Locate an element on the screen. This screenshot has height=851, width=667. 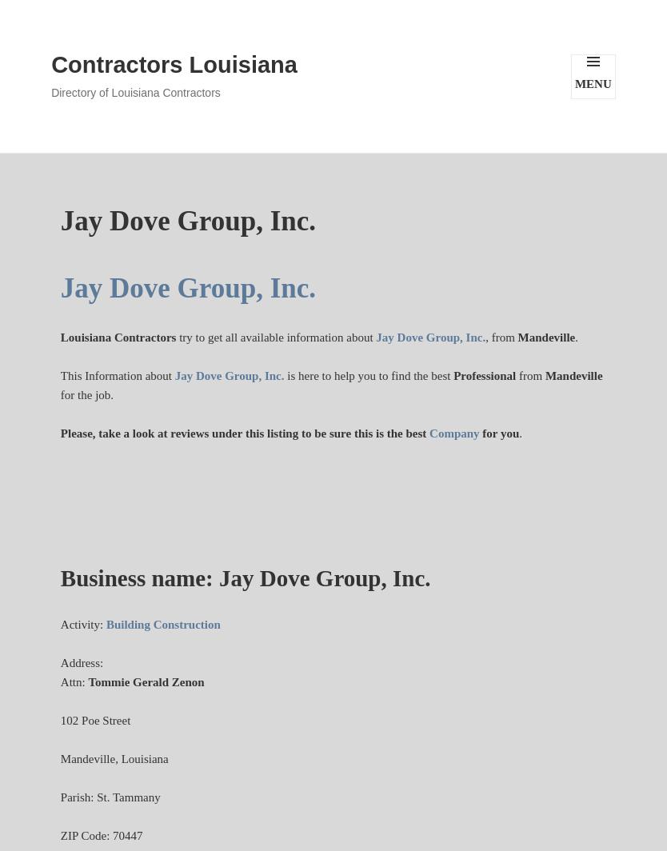
'Building Construction' is located at coordinates (105, 624).